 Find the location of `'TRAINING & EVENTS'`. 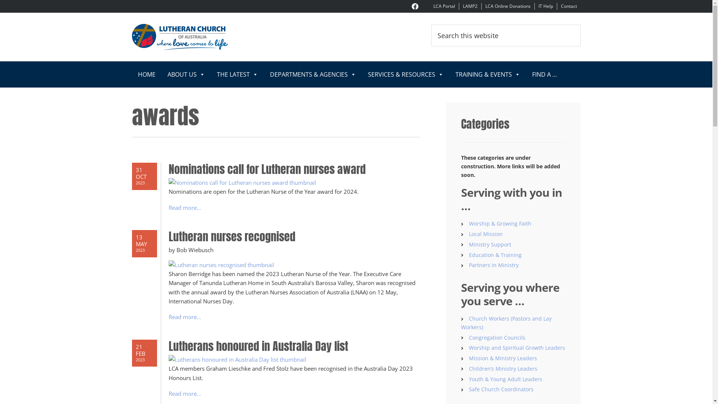

'TRAINING & EVENTS' is located at coordinates (488, 74).